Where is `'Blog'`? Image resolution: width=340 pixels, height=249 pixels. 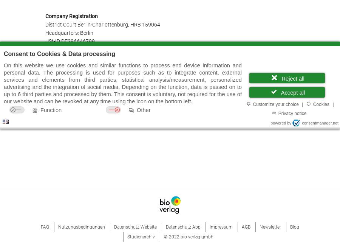
'Blog' is located at coordinates (294, 226).